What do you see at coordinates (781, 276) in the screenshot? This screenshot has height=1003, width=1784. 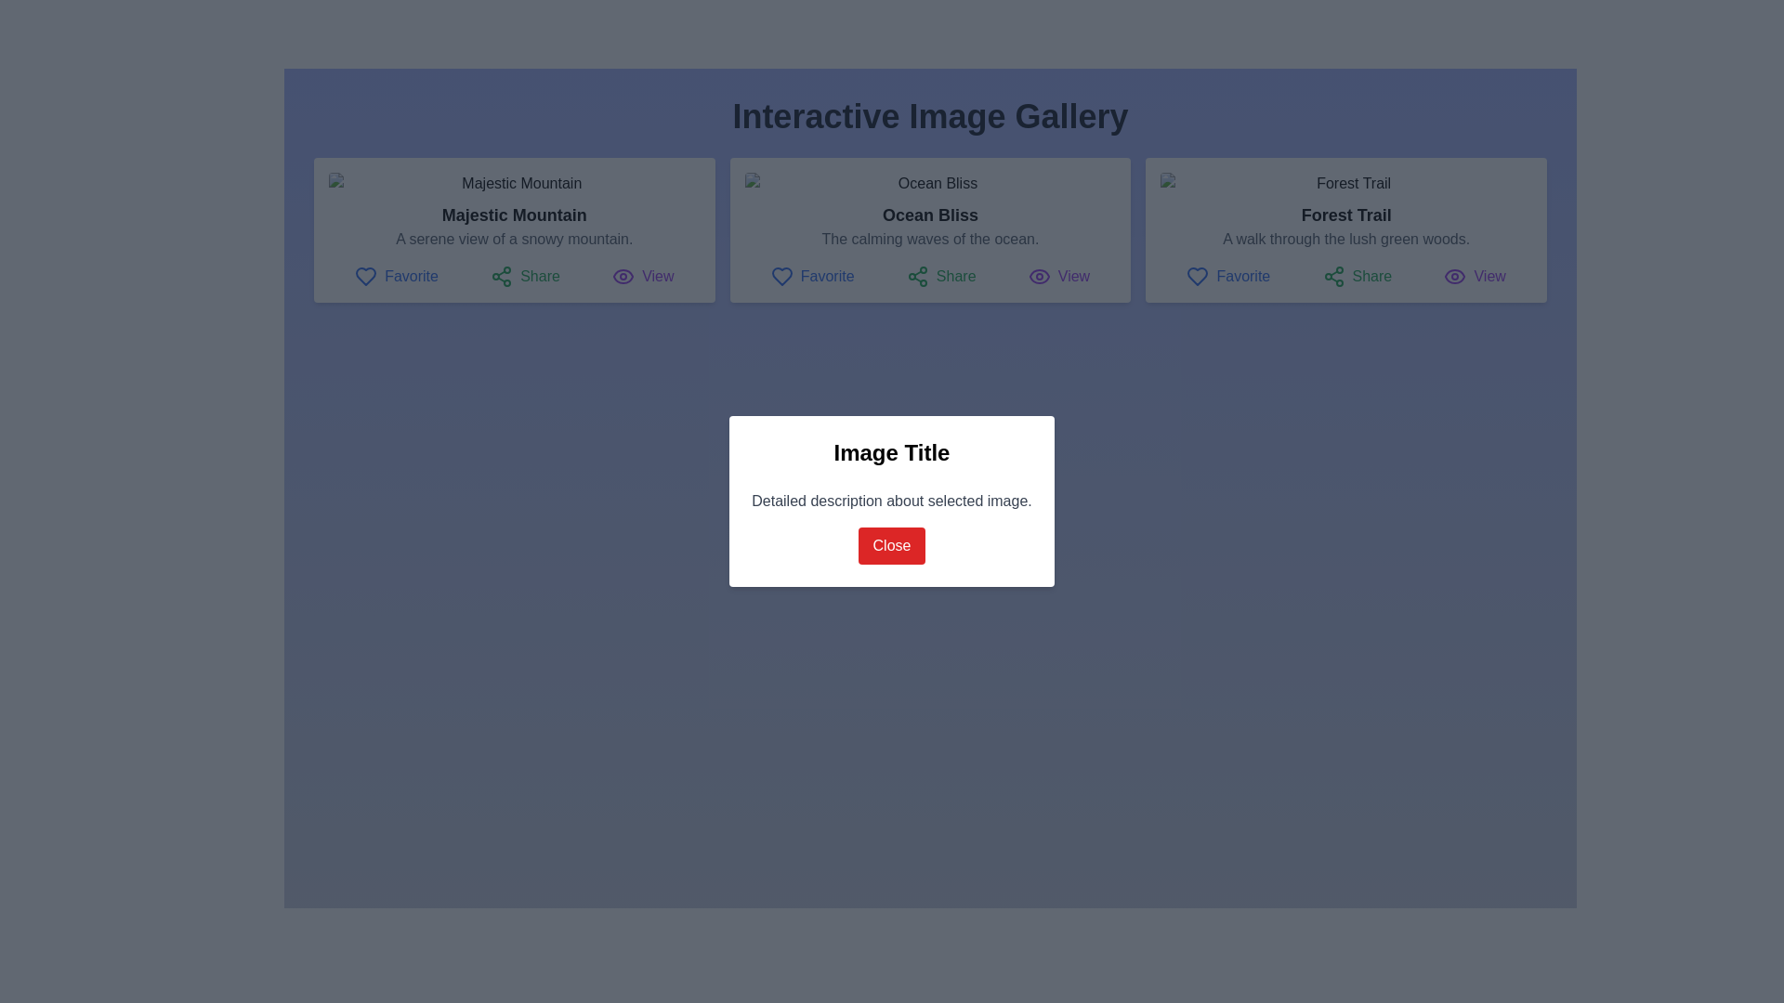 I see `the 'Favorite' heart icon button located on the left of the 'Share' and 'View' buttons in the middle card of the 'Ocean Bliss' interface` at bounding box center [781, 276].